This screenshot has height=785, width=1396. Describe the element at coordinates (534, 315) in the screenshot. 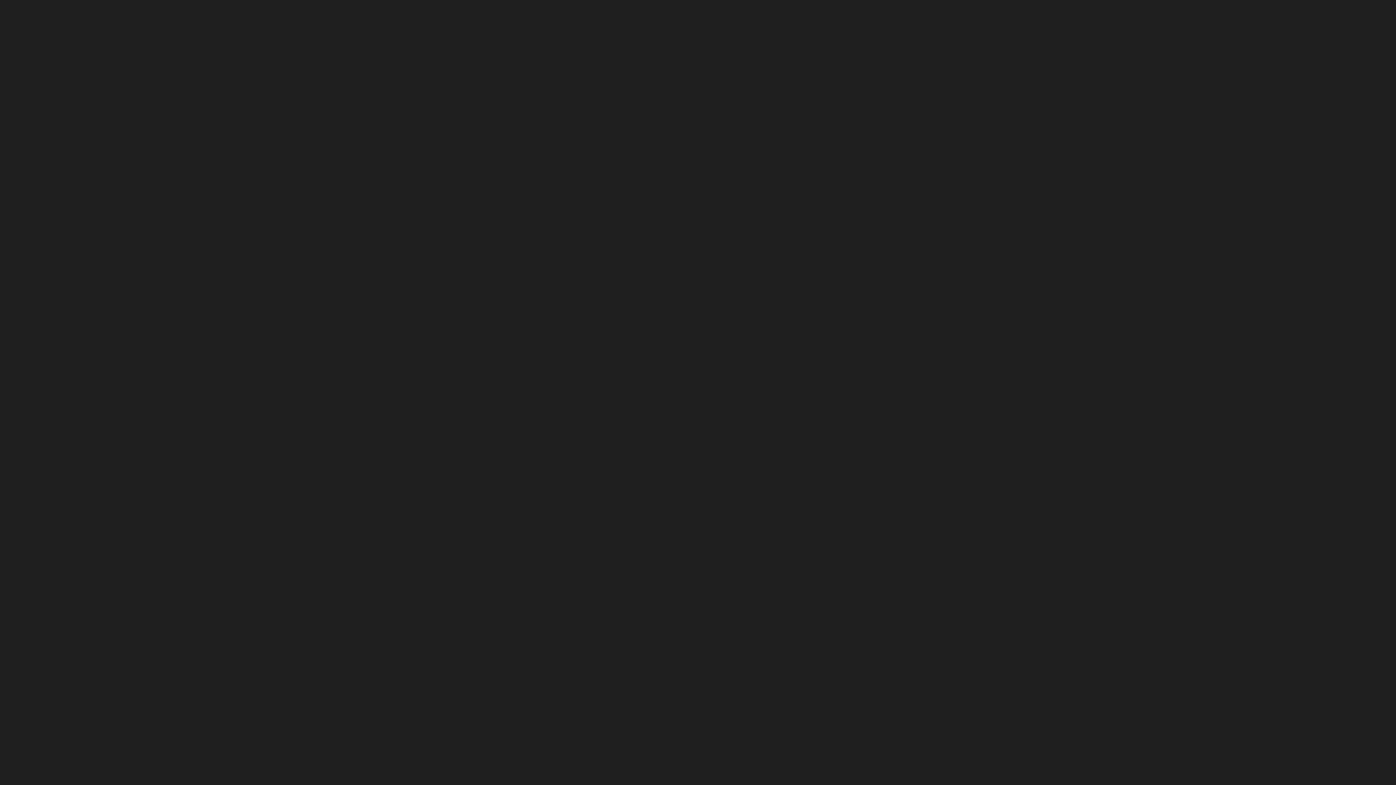

I see `Change to list layout` at that location.